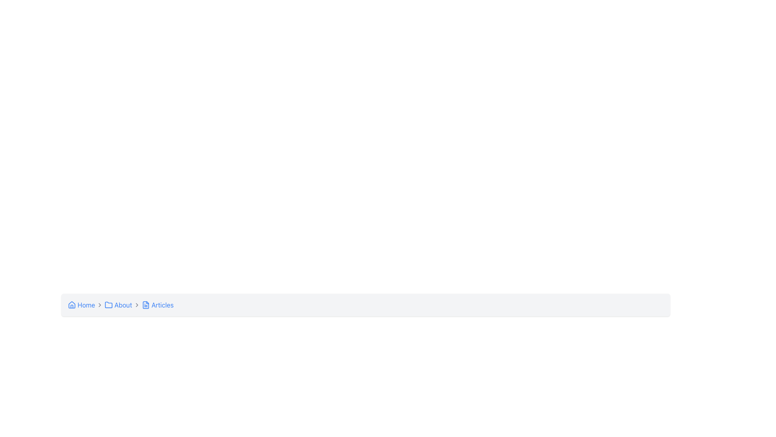 This screenshot has width=776, height=437. Describe the element at coordinates (108, 305) in the screenshot. I see `the folder icon` at that location.